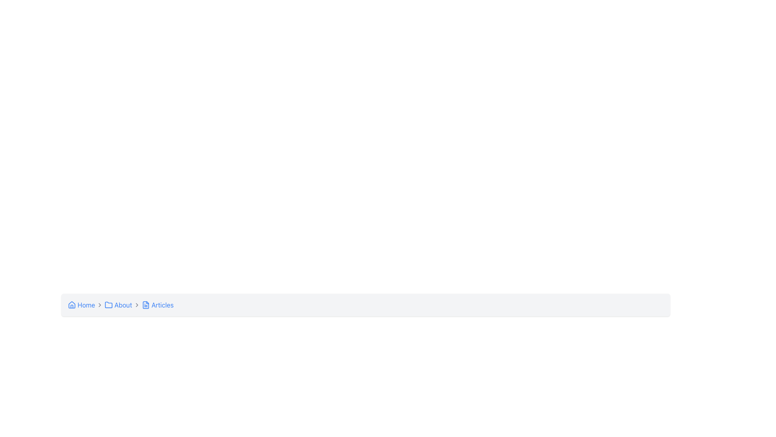 This screenshot has width=776, height=437. Describe the element at coordinates (108, 305) in the screenshot. I see `the folder icon` at that location.